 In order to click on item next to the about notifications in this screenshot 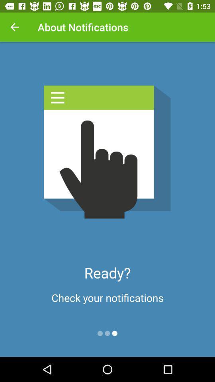, I will do `click(14, 27)`.